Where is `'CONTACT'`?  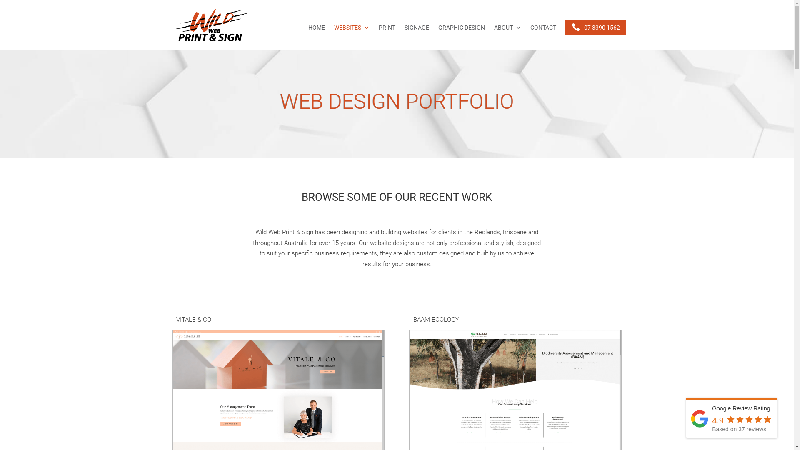
'CONTACT' is located at coordinates (530, 37).